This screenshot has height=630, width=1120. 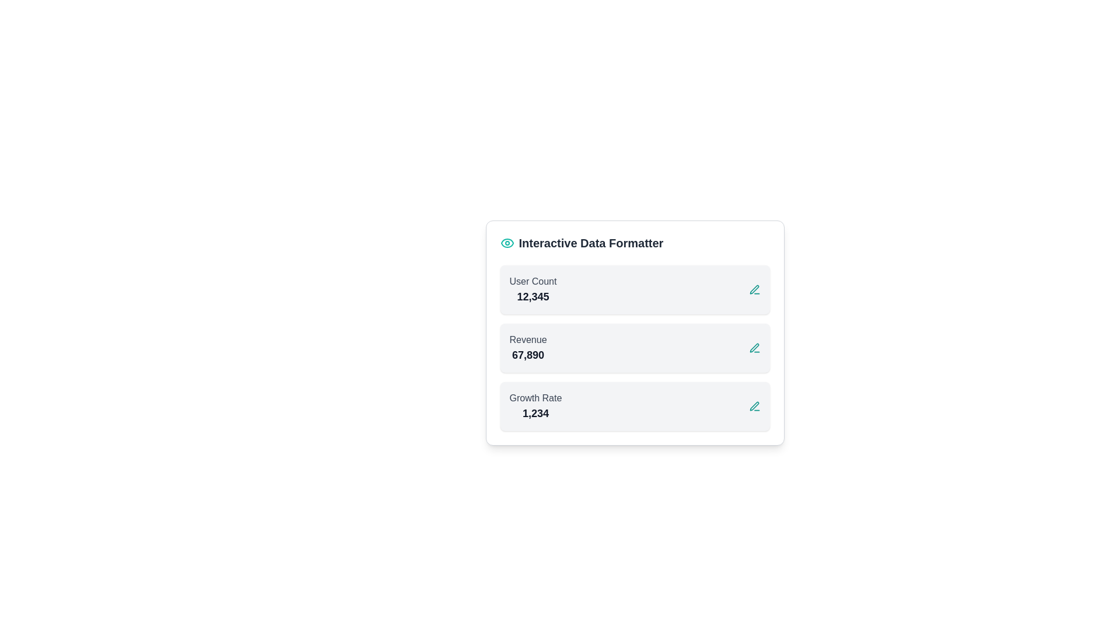 I want to click on the static text displaying the numeric value related to the growth rate, located in the 'Growth Rate' section, positioned below a sibling text with a smaller and lighter font, so click(x=535, y=413).